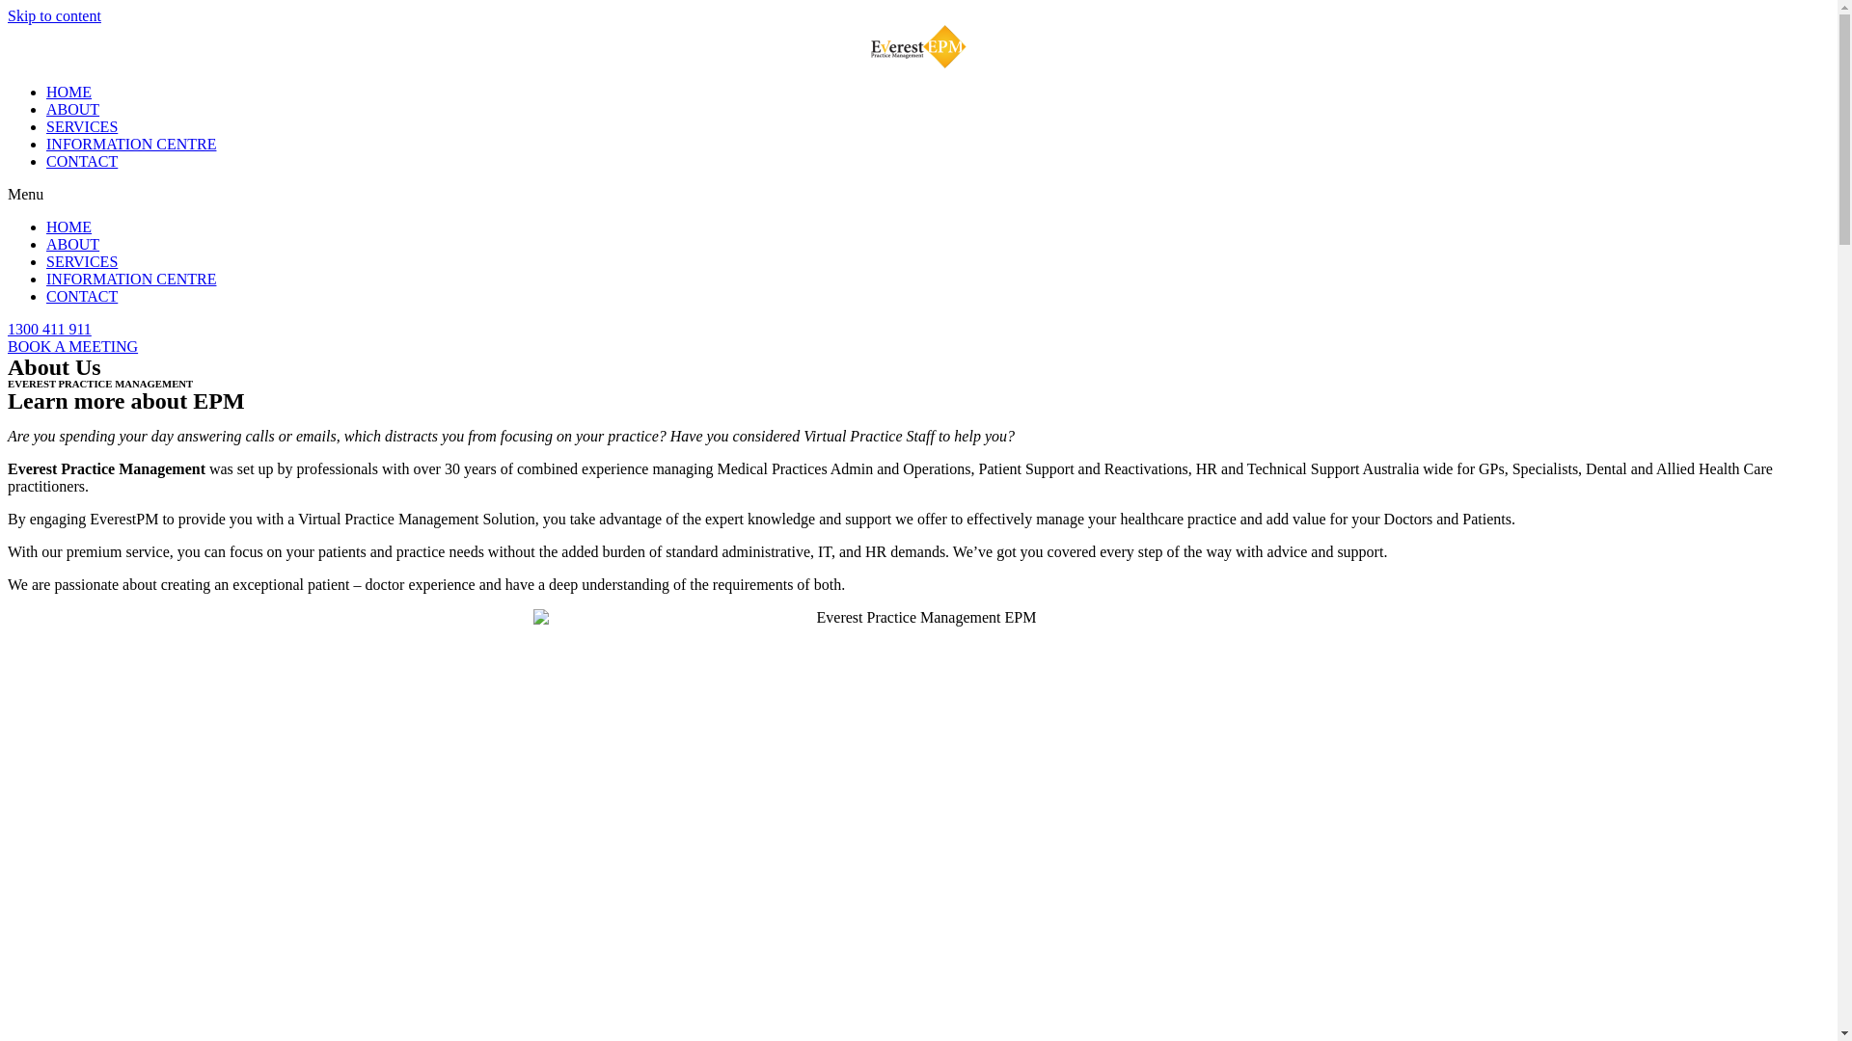  What do you see at coordinates (81, 261) in the screenshot?
I see `'SERVICES'` at bounding box center [81, 261].